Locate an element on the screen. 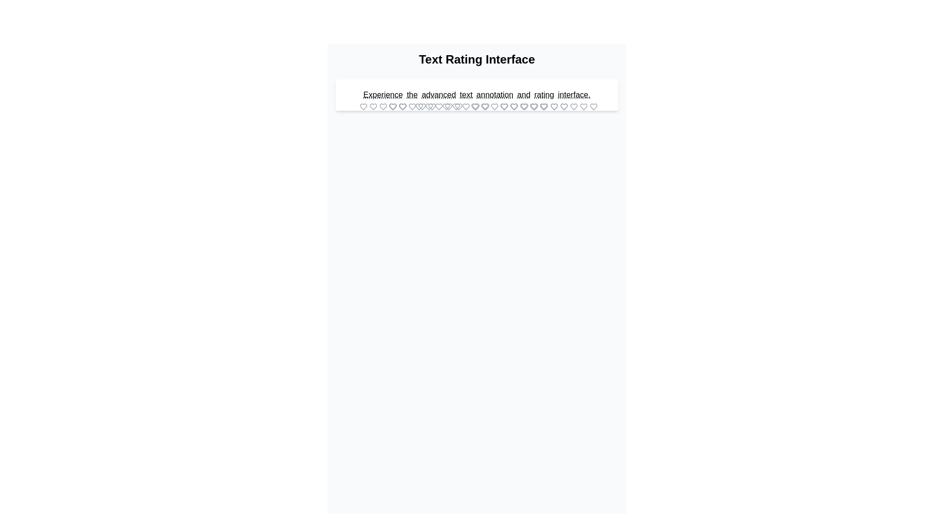 This screenshot has height=532, width=946. the word Experience to select it for rating is located at coordinates (382, 95).